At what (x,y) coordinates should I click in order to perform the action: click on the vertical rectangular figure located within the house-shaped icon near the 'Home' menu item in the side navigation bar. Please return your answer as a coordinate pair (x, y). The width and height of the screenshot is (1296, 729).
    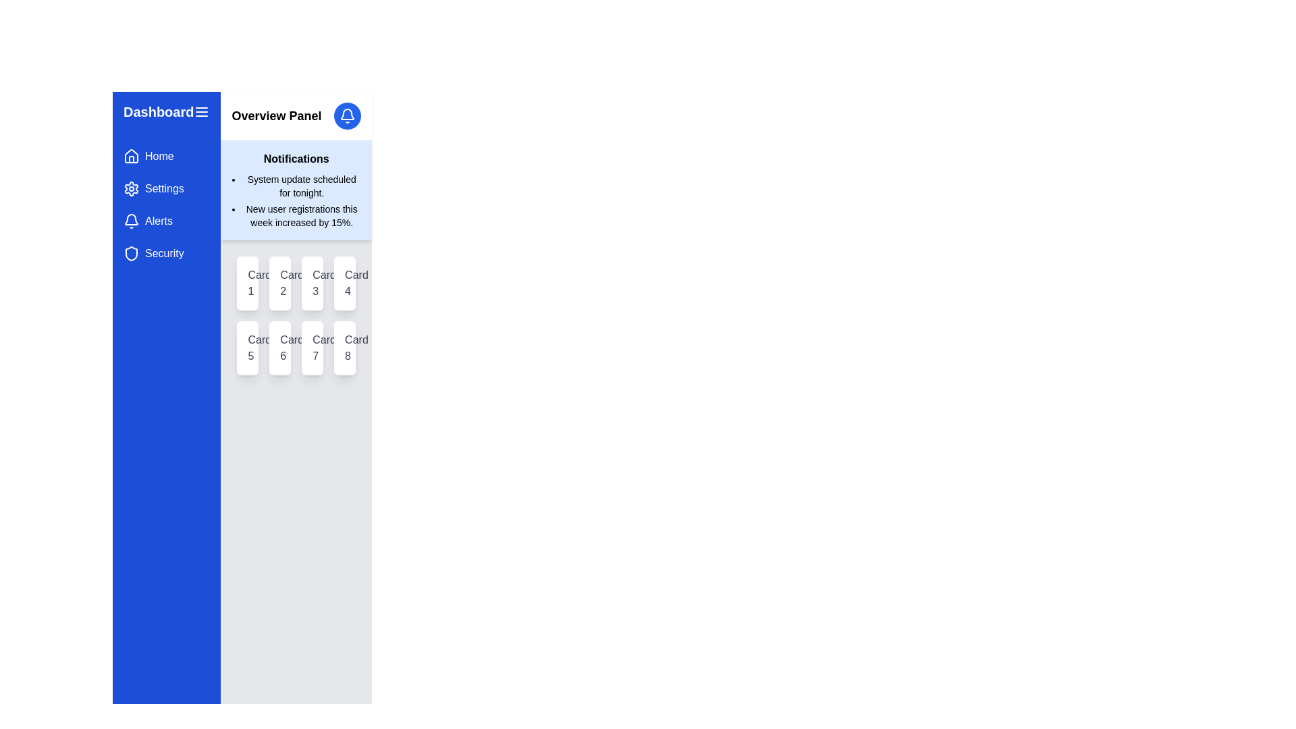
    Looking at the image, I should click on (132, 159).